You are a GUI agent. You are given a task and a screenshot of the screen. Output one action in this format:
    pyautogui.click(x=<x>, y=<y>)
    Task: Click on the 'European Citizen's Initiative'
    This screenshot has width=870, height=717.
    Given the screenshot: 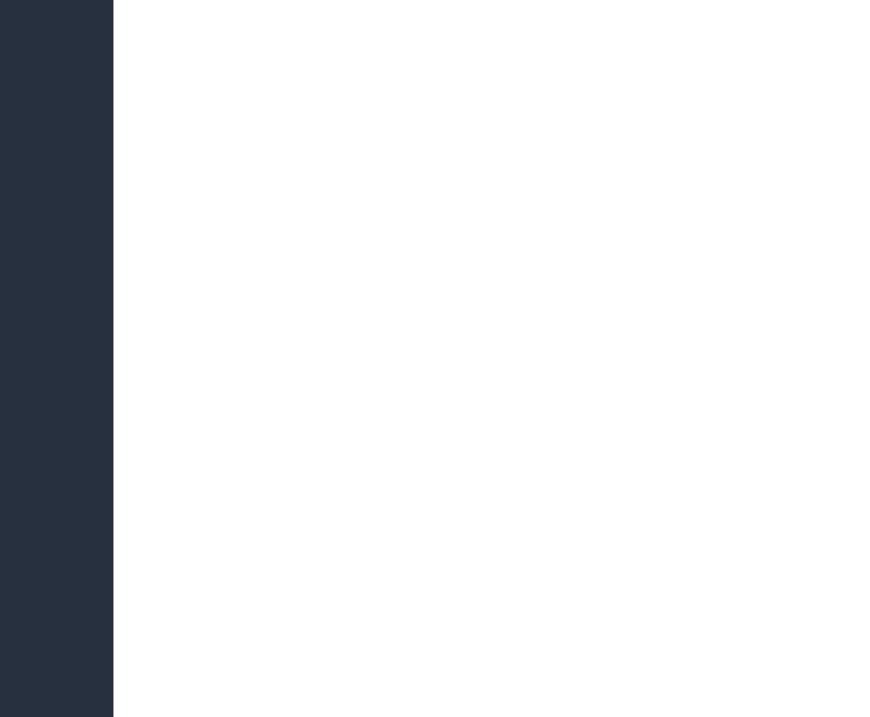 What is the action you would take?
    pyautogui.click(x=642, y=55)
    